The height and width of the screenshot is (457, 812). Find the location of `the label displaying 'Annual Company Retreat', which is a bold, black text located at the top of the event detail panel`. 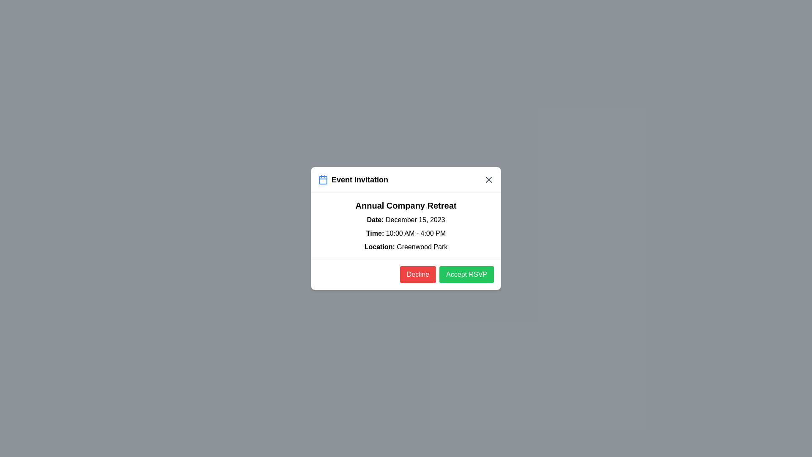

the label displaying 'Annual Company Retreat', which is a bold, black text located at the top of the event detail panel is located at coordinates (406, 206).